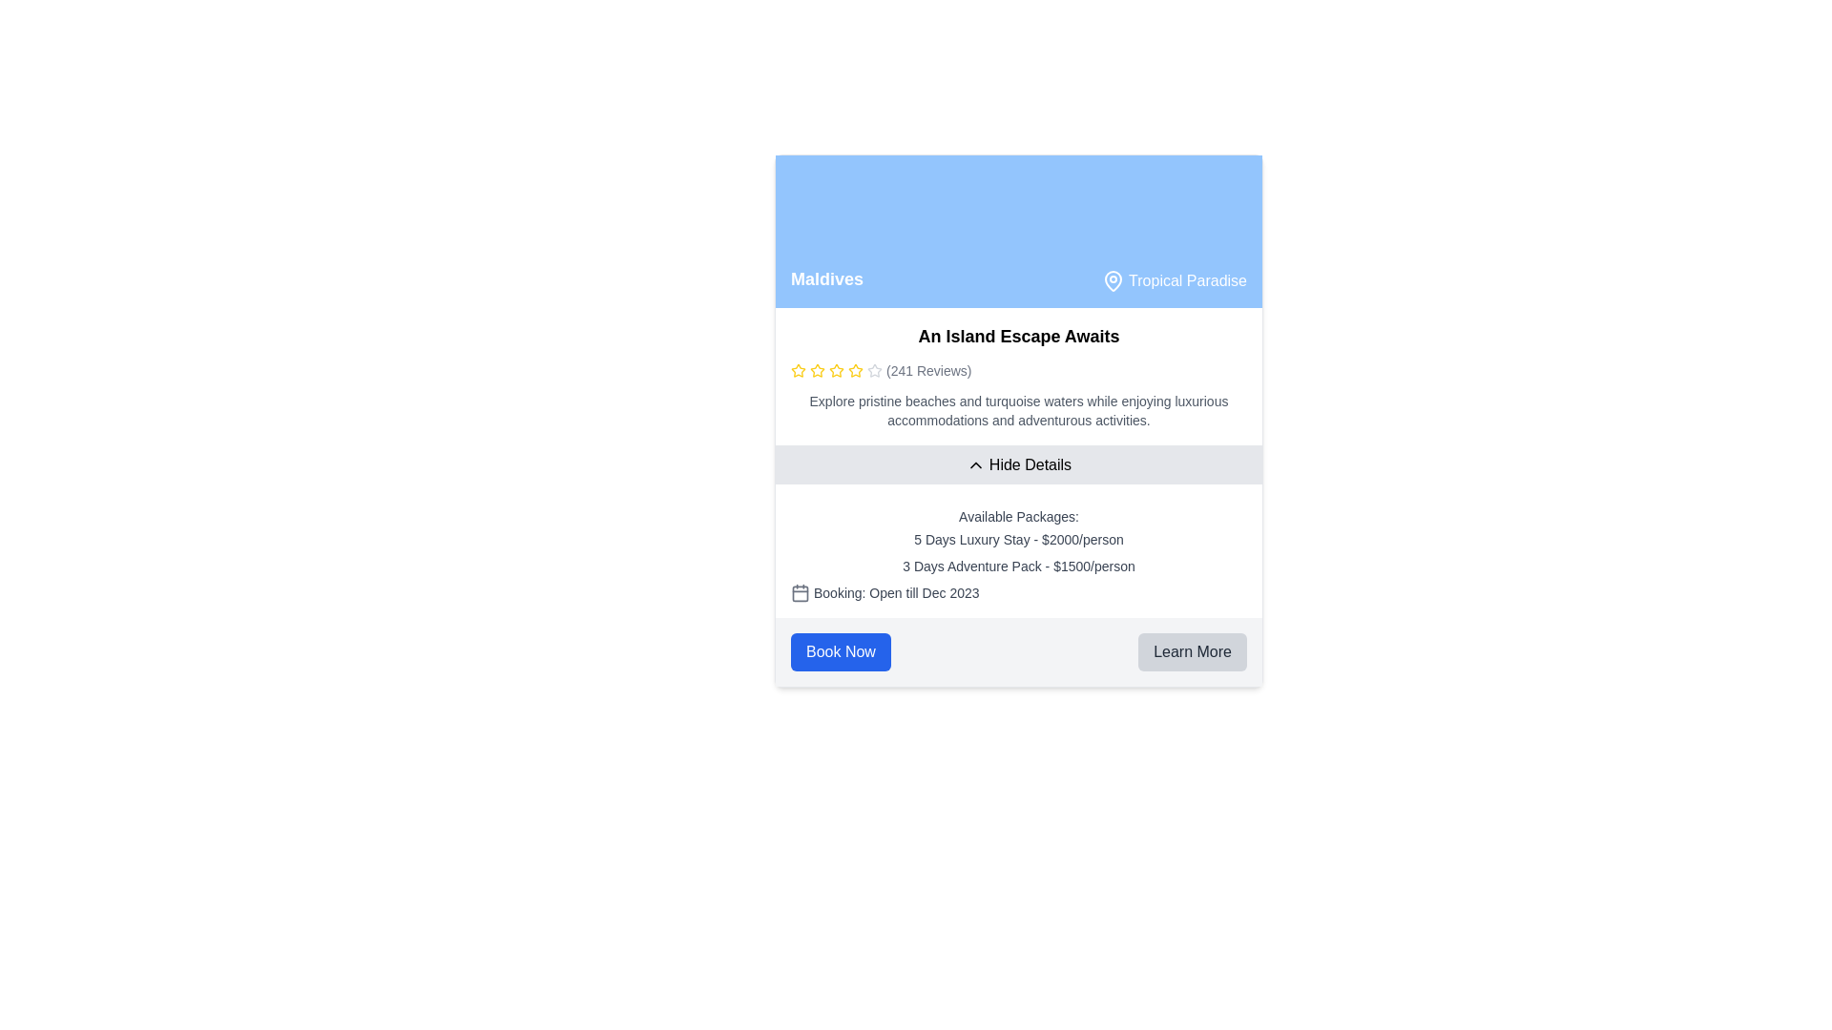 This screenshot has height=1030, width=1832. What do you see at coordinates (798, 370) in the screenshot?
I see `the first star icon in the rating component, which is part of a horizontal group of similar star icons` at bounding box center [798, 370].